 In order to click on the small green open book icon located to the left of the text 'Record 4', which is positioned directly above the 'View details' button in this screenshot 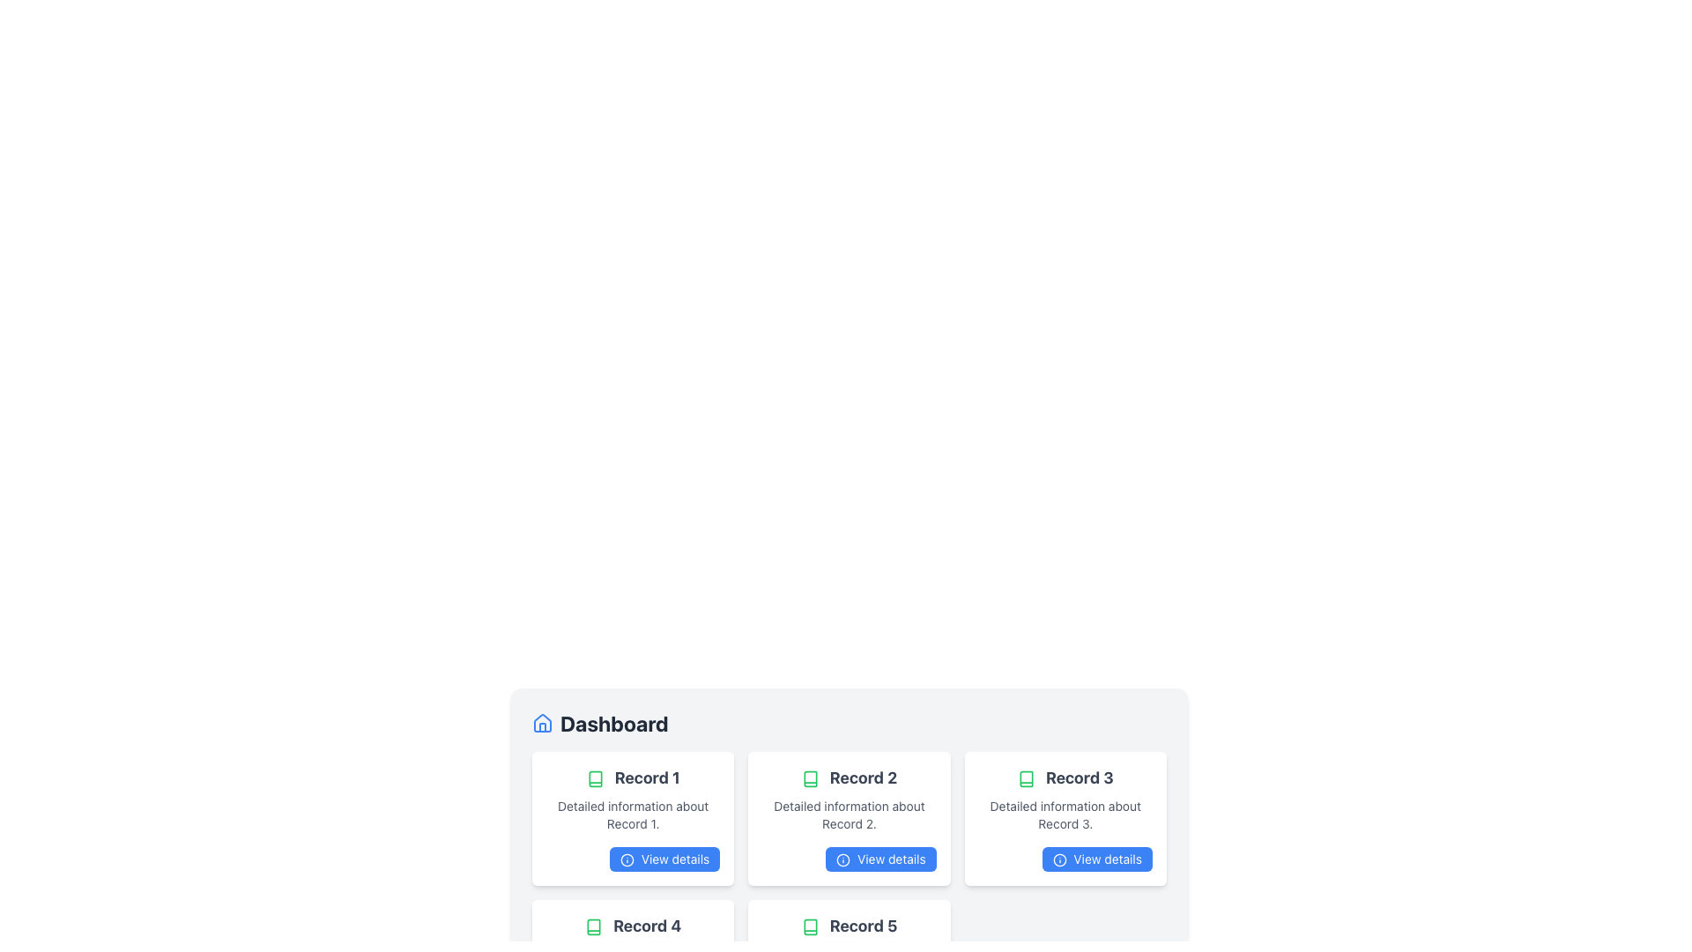, I will do `click(593, 926)`.